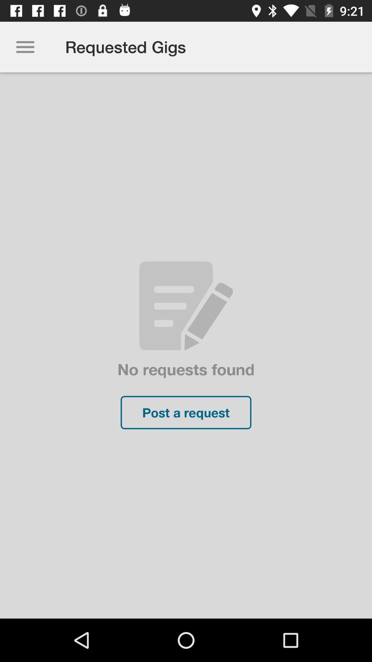  What do you see at coordinates (186, 412) in the screenshot?
I see `the post a request item` at bounding box center [186, 412].